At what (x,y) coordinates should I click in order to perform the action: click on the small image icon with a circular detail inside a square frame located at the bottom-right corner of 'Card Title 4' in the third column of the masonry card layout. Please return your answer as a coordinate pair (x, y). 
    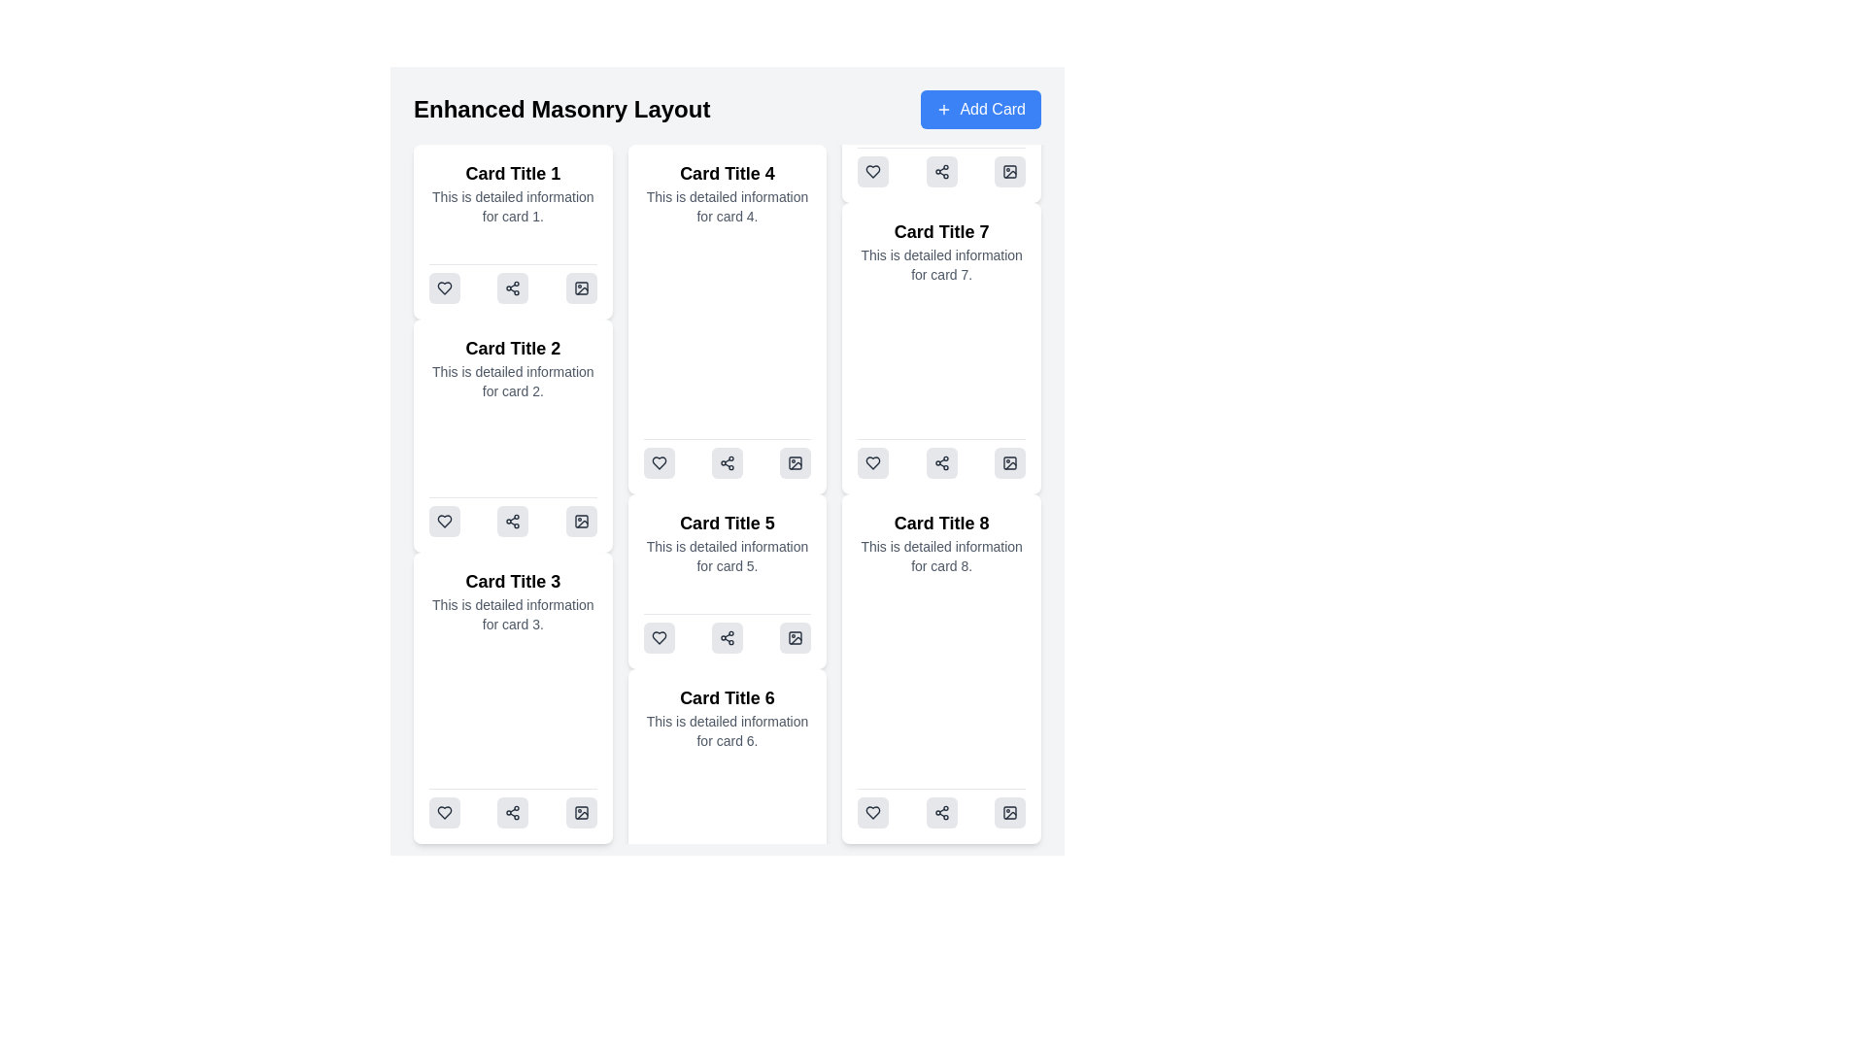
    Looking at the image, I should click on (796, 463).